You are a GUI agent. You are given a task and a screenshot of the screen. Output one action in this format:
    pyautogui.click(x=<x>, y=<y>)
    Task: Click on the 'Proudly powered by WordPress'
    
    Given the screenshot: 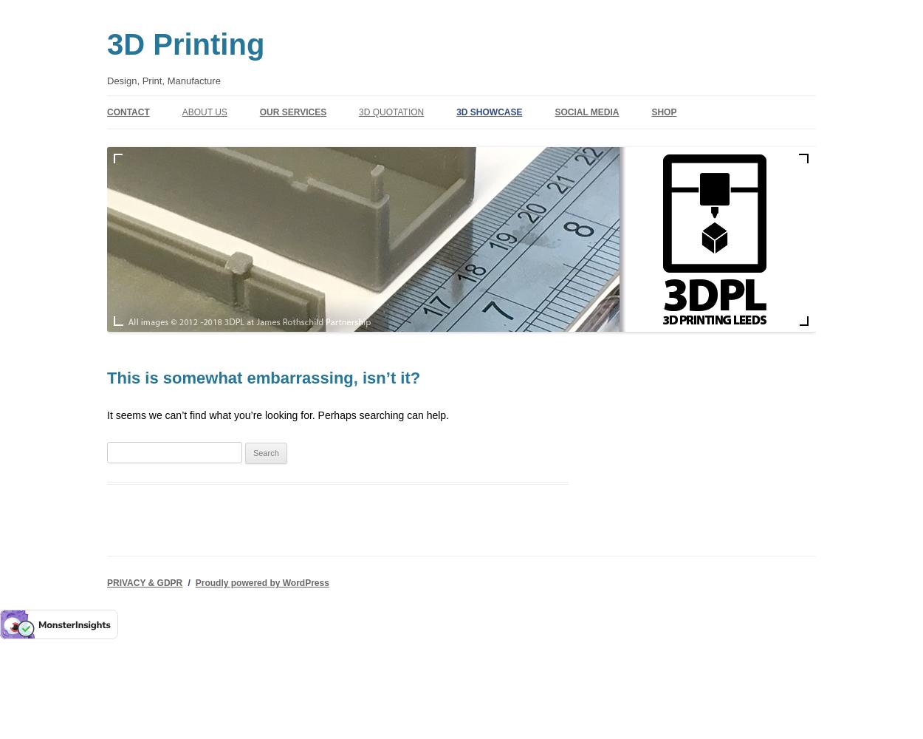 What is the action you would take?
    pyautogui.click(x=261, y=583)
    